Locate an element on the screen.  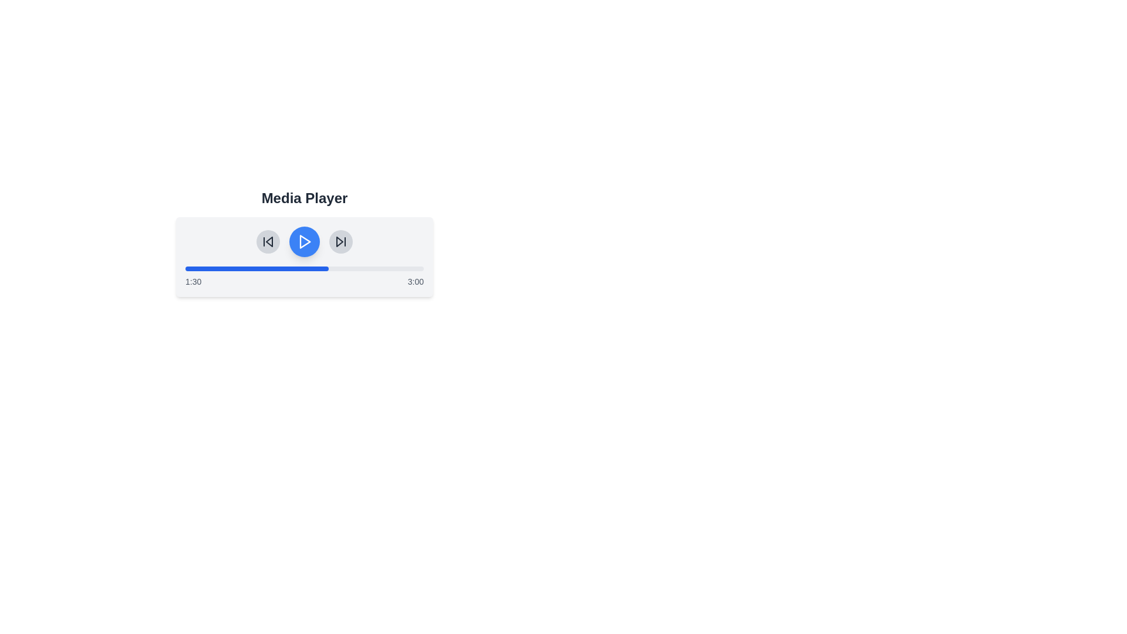
the play/pause toggle button in the media player is located at coordinates (304, 241).